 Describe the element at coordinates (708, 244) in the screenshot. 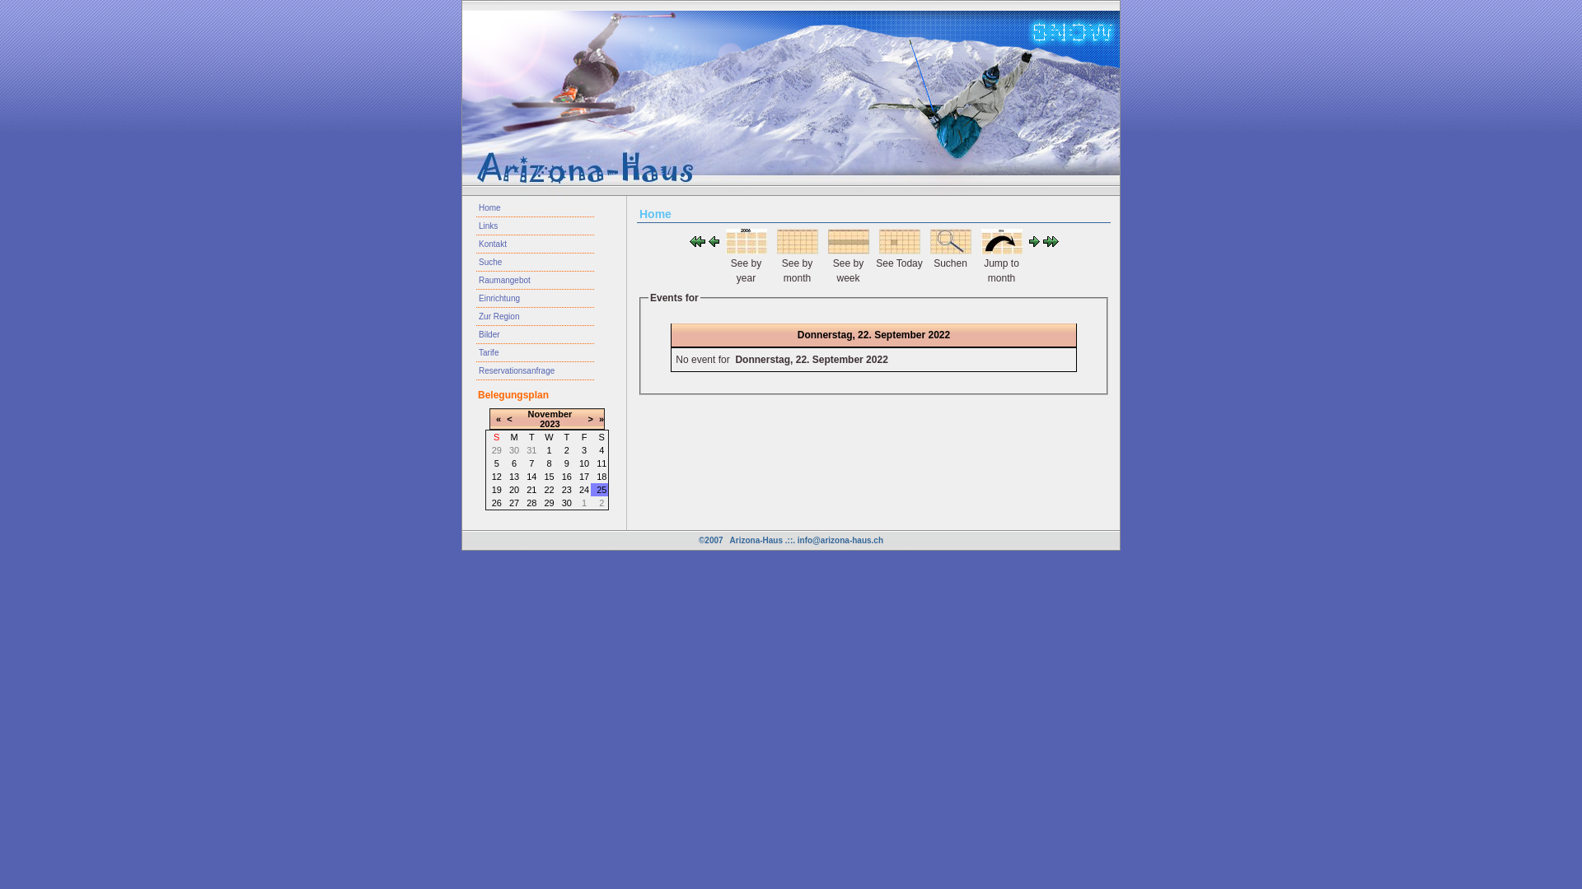

I see `'Previous day'` at that location.